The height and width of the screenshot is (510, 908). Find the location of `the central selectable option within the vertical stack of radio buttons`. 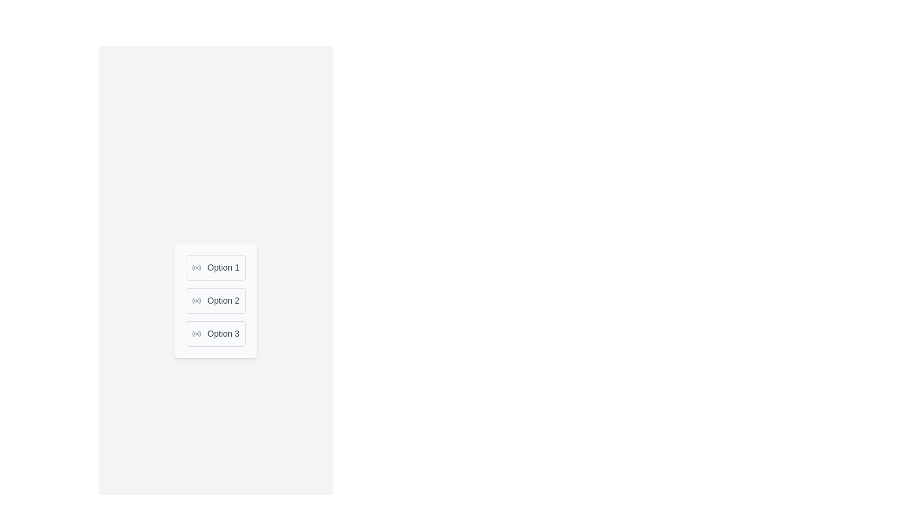

the central selectable option within the vertical stack of radio buttons is located at coordinates (215, 300).